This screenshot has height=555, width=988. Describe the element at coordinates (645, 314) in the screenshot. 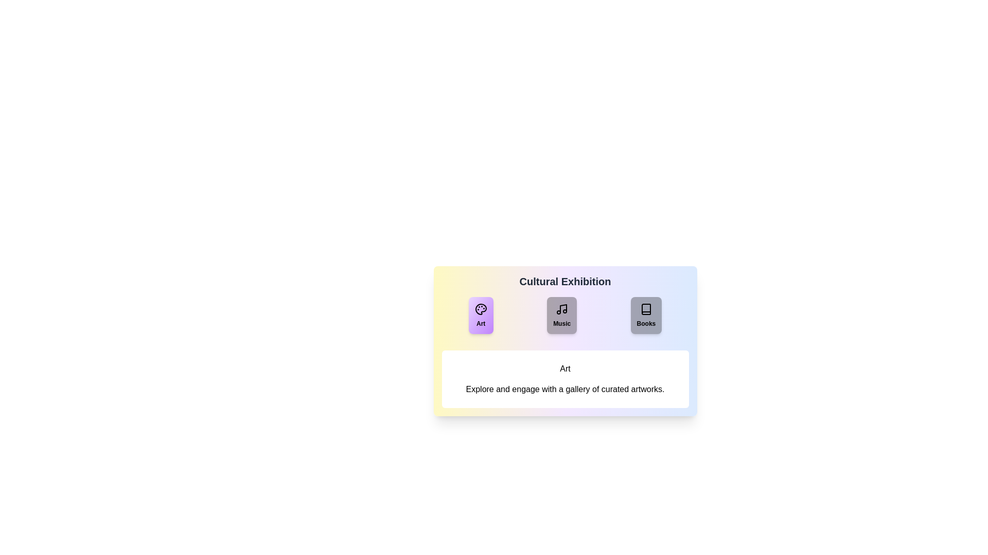

I see `the Books tab by clicking on its button` at that location.